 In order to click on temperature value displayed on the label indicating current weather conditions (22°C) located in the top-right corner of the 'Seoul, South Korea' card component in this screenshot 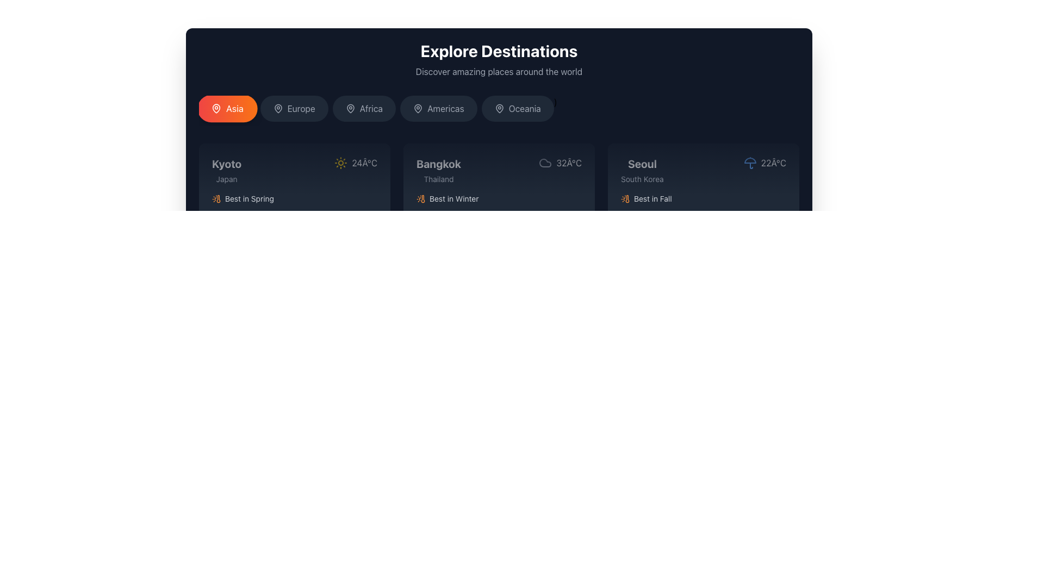, I will do `click(764, 163)`.